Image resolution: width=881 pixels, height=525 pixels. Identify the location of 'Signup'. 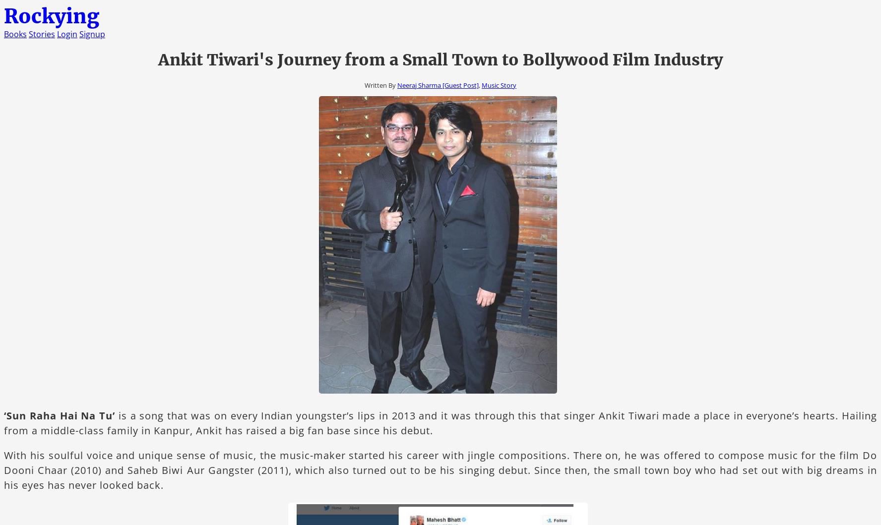
(91, 34).